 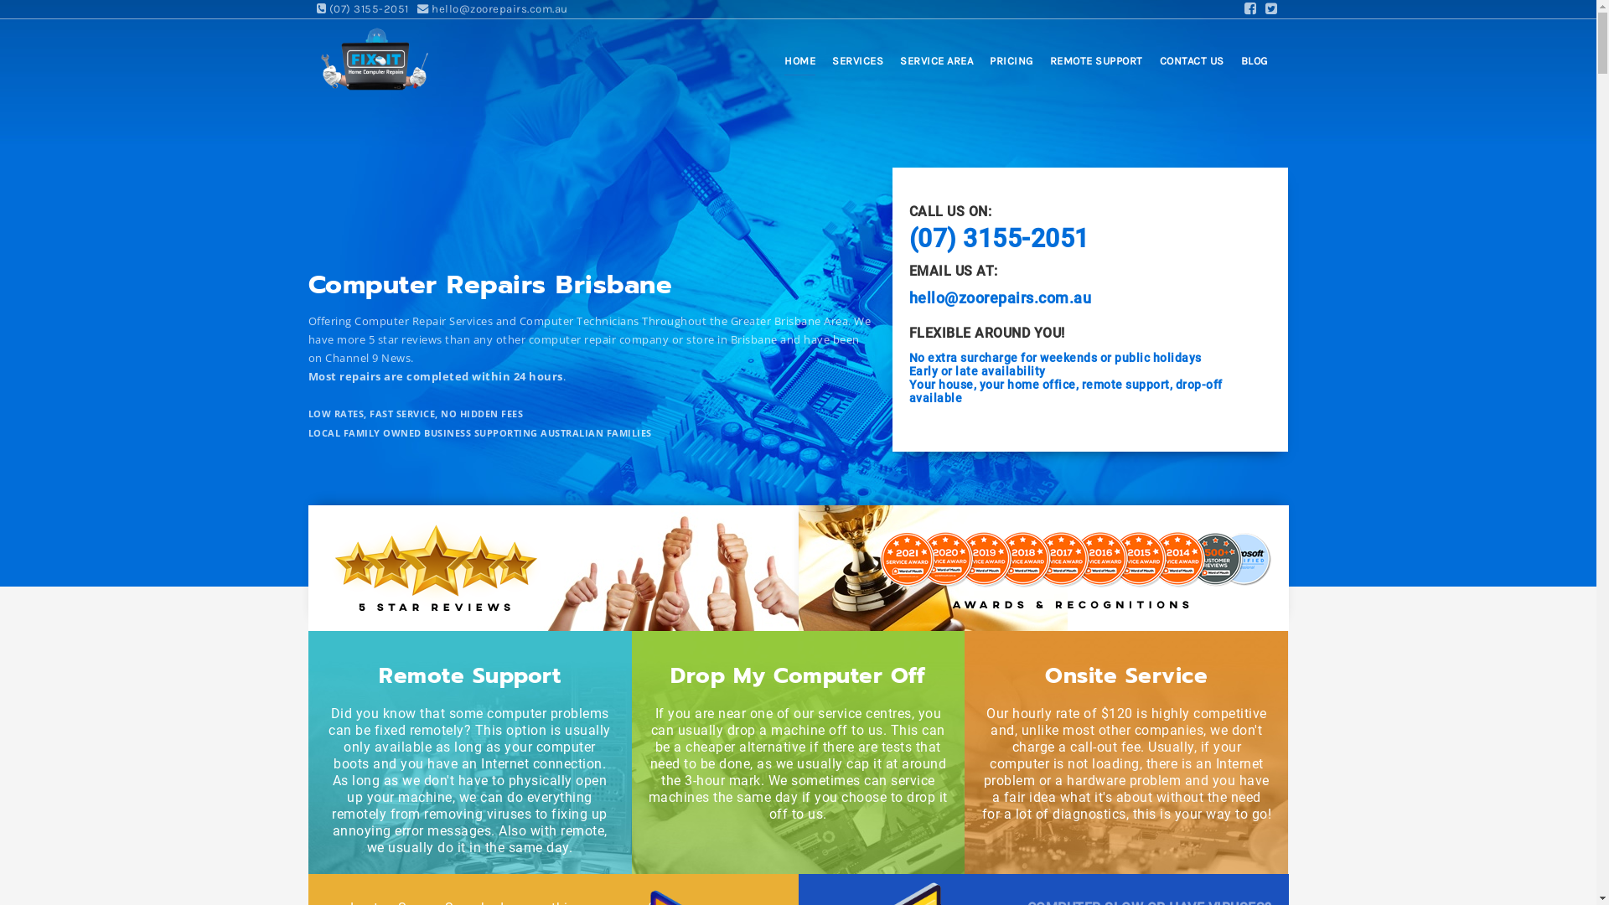 I want to click on 'SERVICES', so click(x=832, y=62).